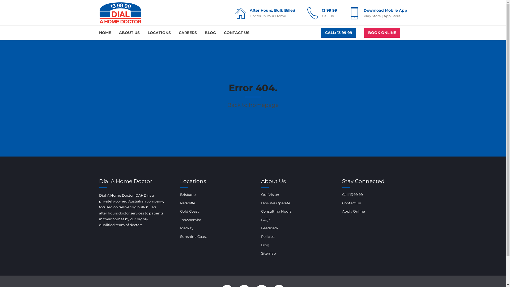 Image resolution: width=510 pixels, height=287 pixels. I want to click on 'Contact Us', so click(351, 203).